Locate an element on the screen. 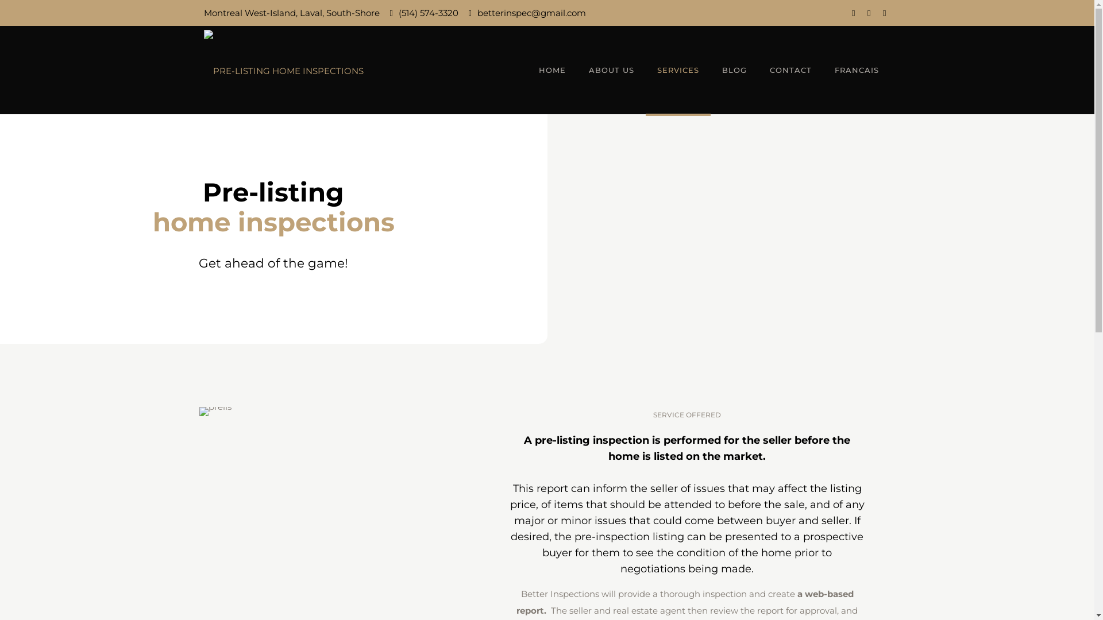 This screenshot has width=1103, height=620. 'HOME' is located at coordinates (552, 69).